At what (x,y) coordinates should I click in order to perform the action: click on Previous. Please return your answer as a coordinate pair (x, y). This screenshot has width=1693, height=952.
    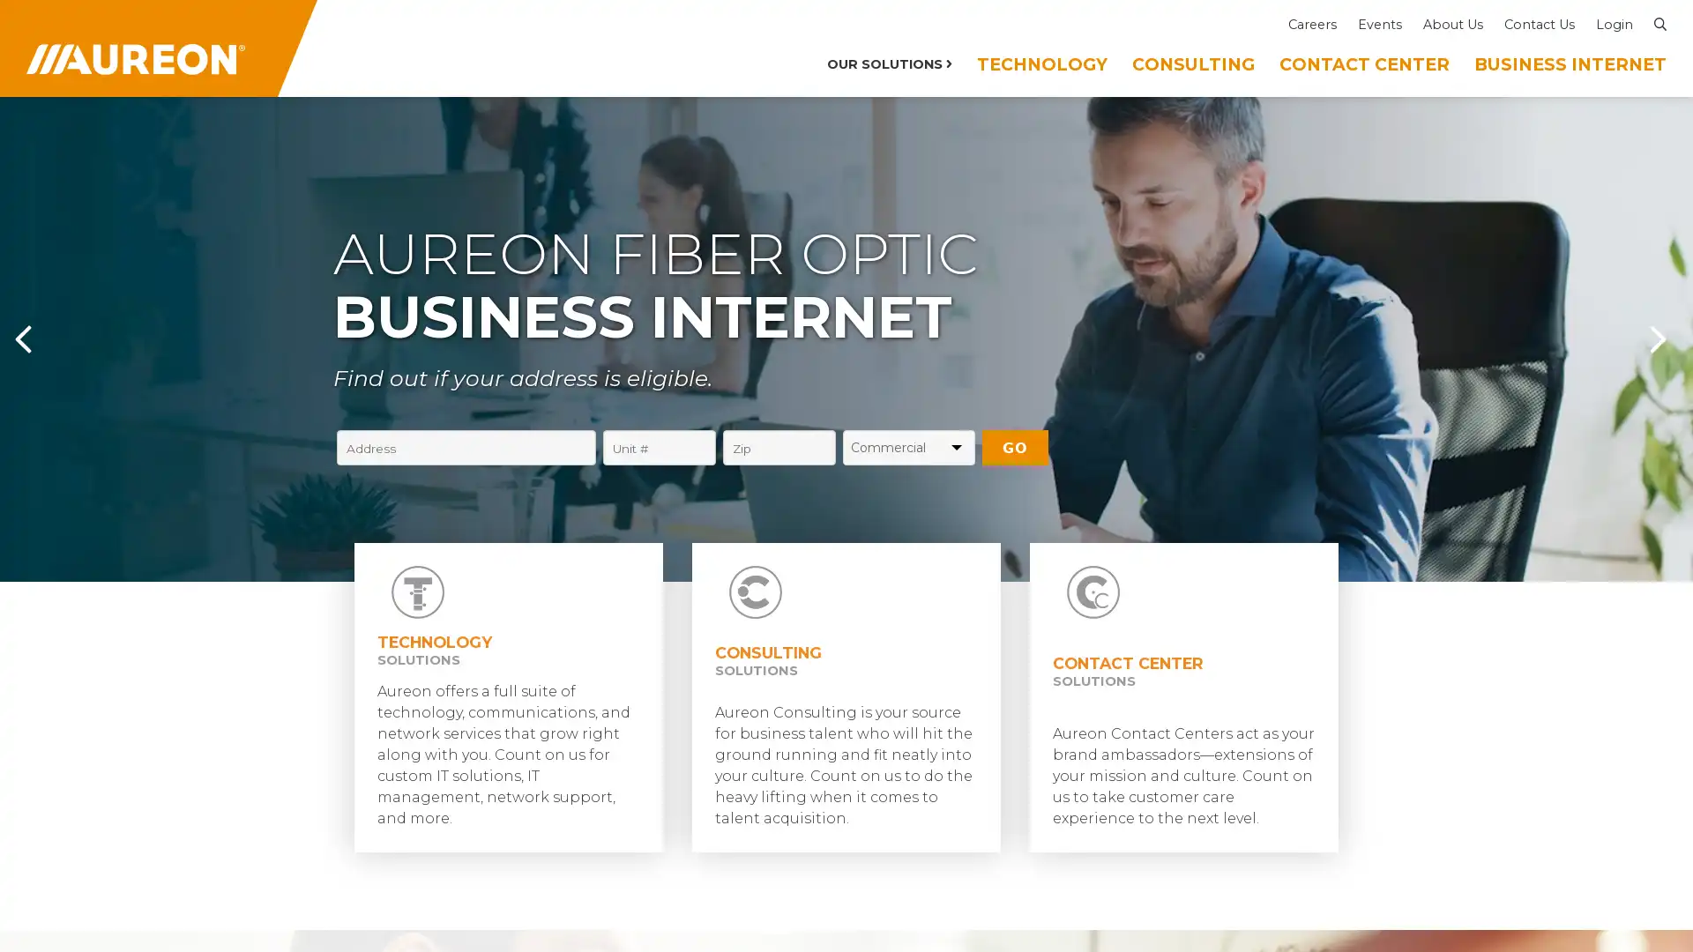
    Looking at the image, I should click on (29, 339).